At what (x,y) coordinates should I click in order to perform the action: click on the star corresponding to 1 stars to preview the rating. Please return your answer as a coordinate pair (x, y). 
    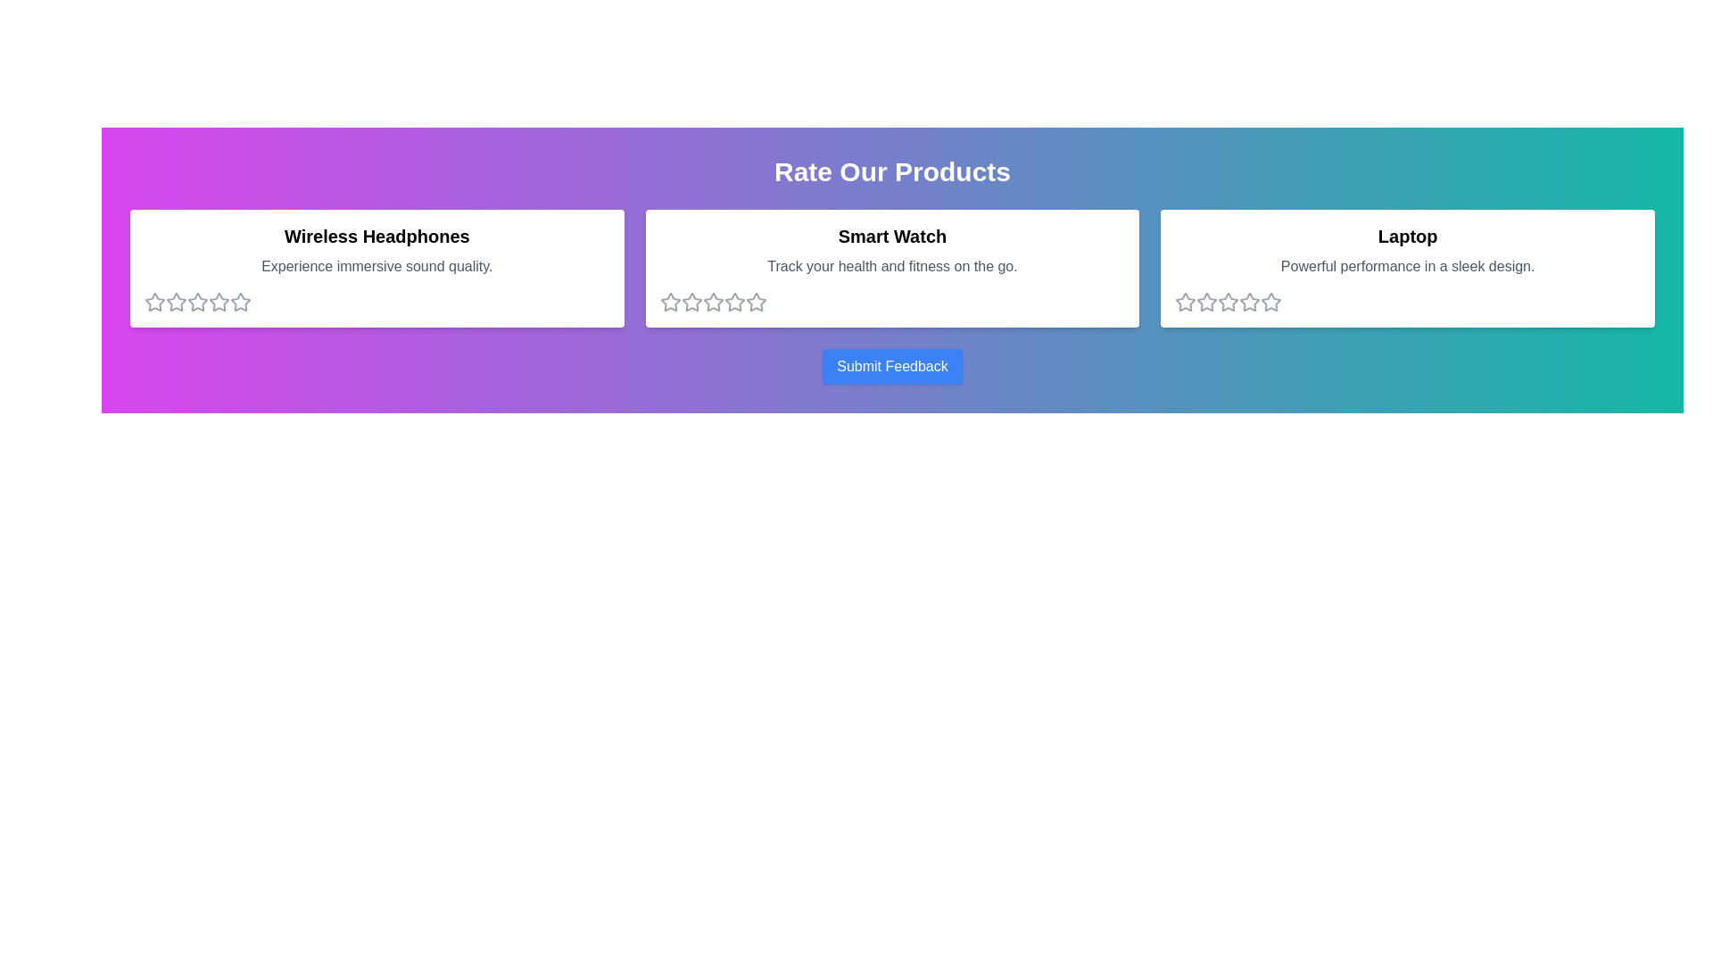
    Looking at the image, I should click on (154, 302).